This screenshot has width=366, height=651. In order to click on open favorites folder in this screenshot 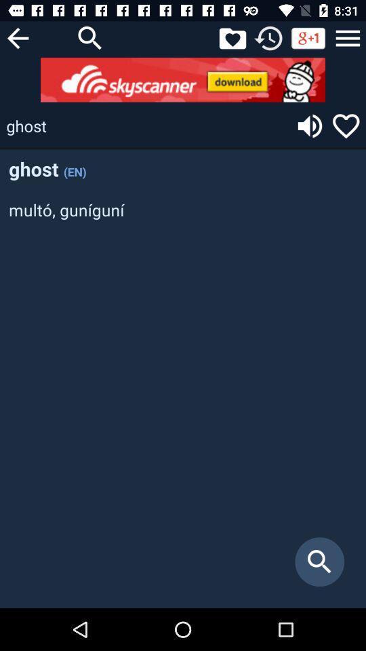, I will do `click(232, 37)`.